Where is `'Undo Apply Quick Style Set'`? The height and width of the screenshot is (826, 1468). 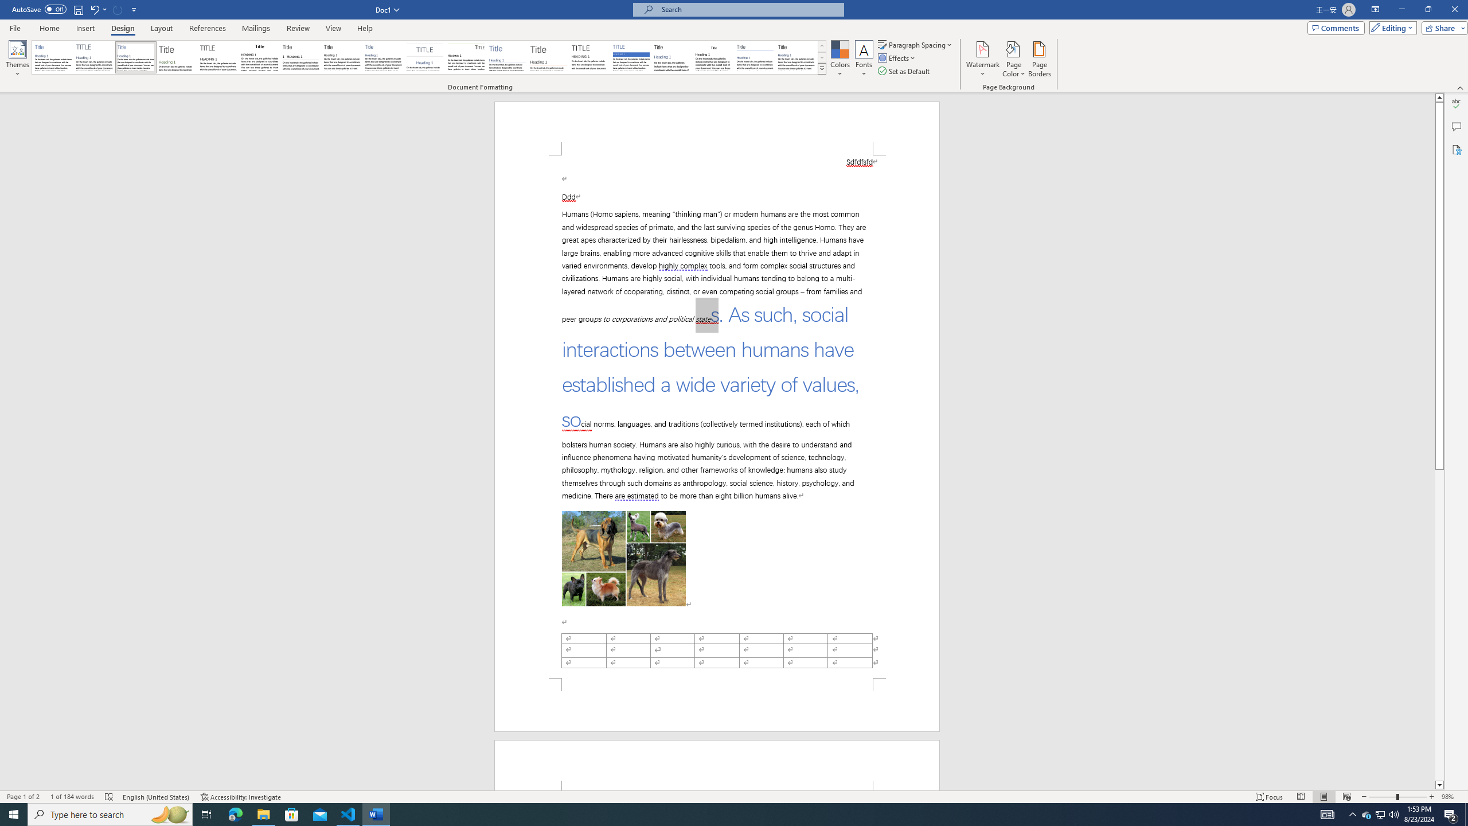 'Undo Apply Quick Style Set' is located at coordinates (97, 9).